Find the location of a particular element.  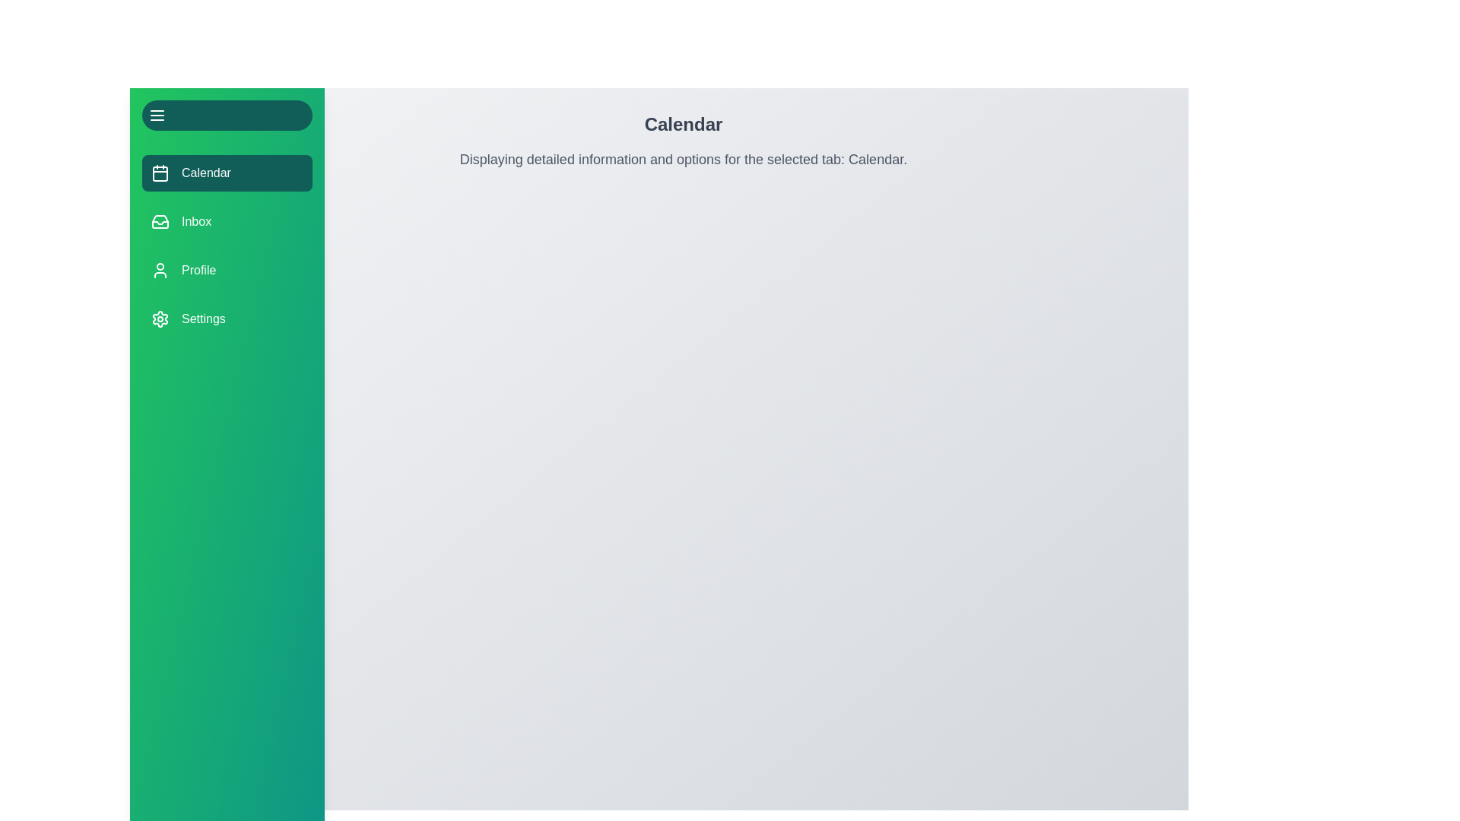

the menu button corresponding to Inbox to change the active tab is located at coordinates (226, 222).